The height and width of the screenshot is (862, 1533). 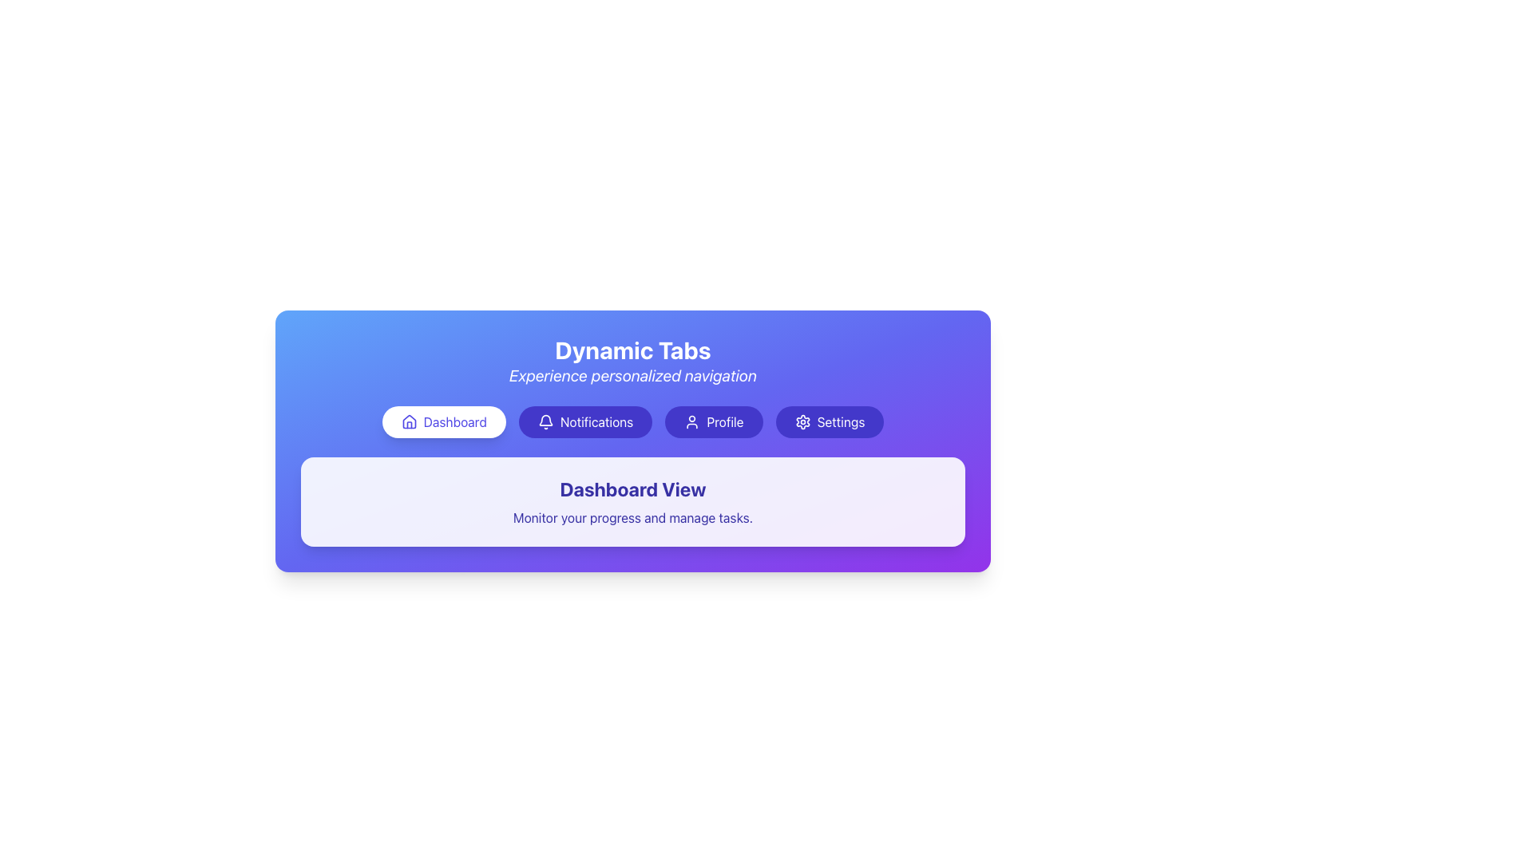 I want to click on the cogwheel-shaped settings icon located in the top right portion of the application's main navigation bar, so click(x=802, y=421).